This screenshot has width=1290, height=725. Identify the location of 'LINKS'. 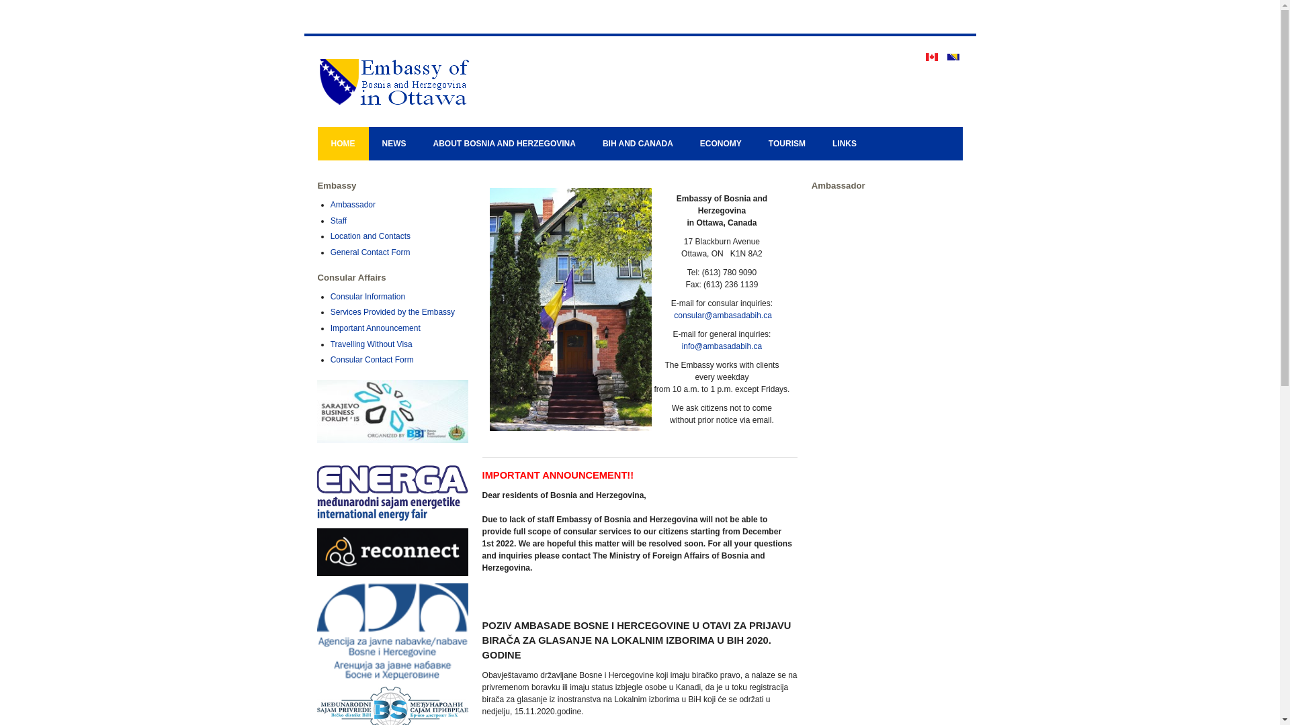
(818, 143).